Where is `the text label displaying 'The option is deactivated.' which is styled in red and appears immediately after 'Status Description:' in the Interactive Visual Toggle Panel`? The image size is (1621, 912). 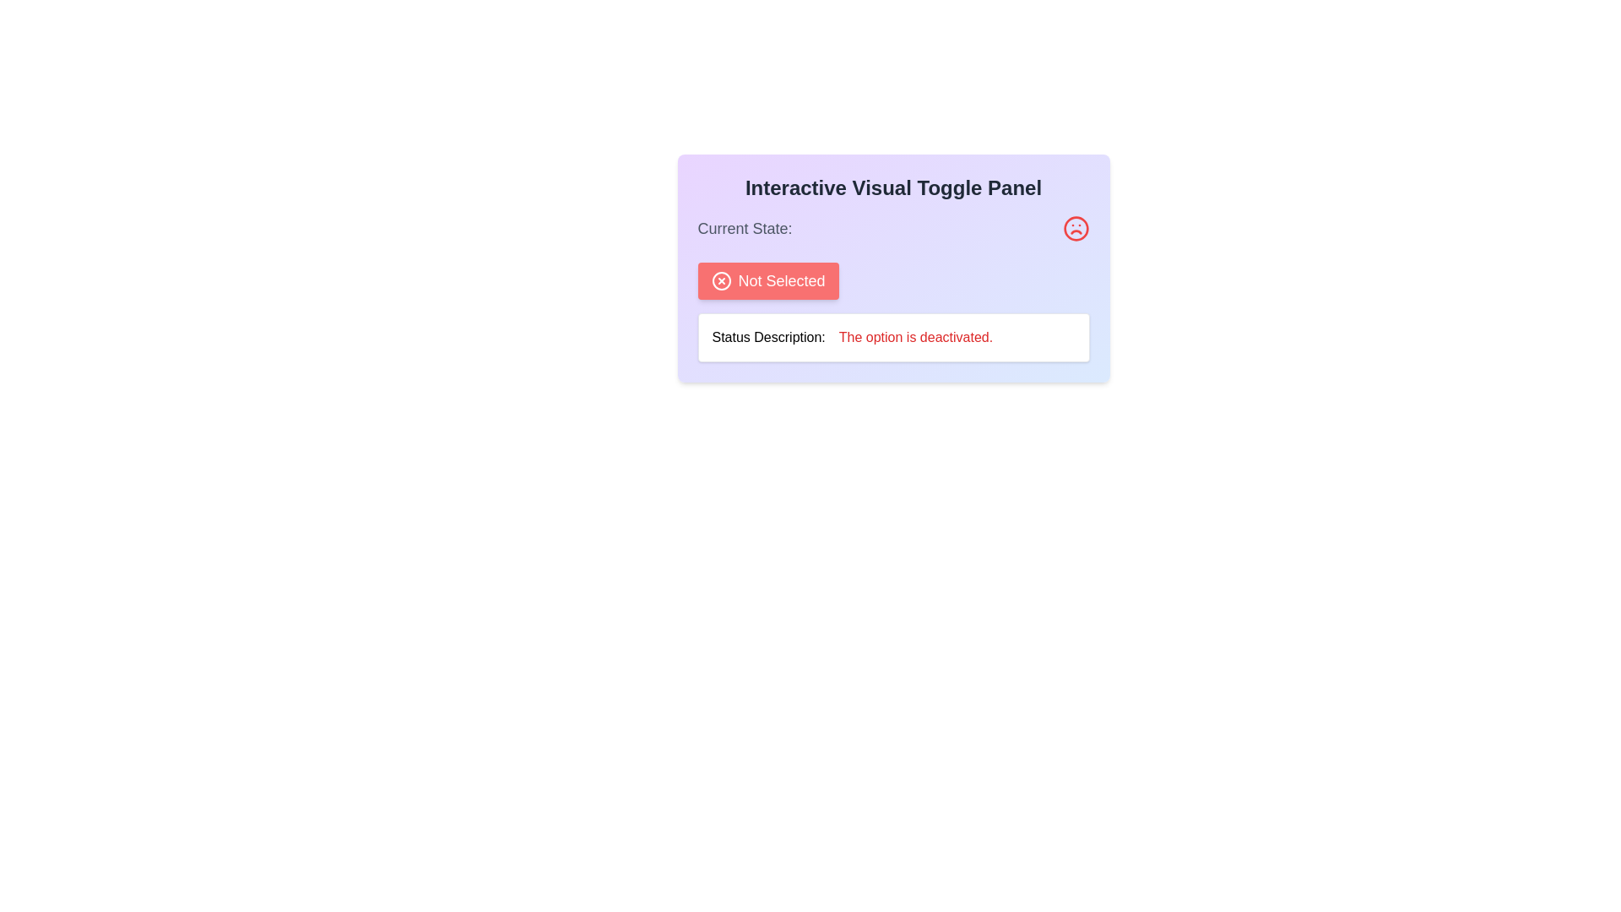 the text label displaying 'The option is deactivated.' which is styled in red and appears immediately after 'Status Description:' in the Interactive Visual Toggle Panel is located at coordinates (914, 338).